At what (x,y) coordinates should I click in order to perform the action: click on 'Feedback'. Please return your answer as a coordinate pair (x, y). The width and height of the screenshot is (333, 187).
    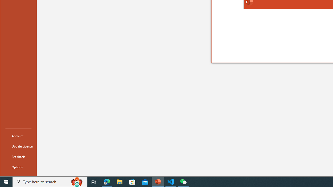
    Looking at the image, I should click on (18, 156).